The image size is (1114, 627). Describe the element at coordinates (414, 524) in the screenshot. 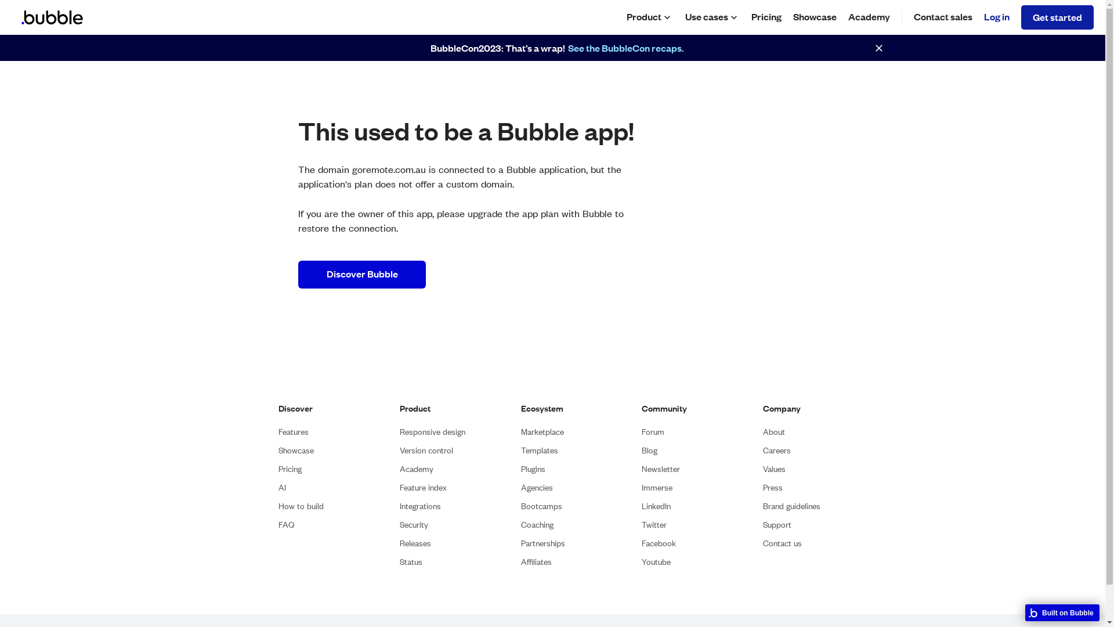

I see `'Security'` at that location.